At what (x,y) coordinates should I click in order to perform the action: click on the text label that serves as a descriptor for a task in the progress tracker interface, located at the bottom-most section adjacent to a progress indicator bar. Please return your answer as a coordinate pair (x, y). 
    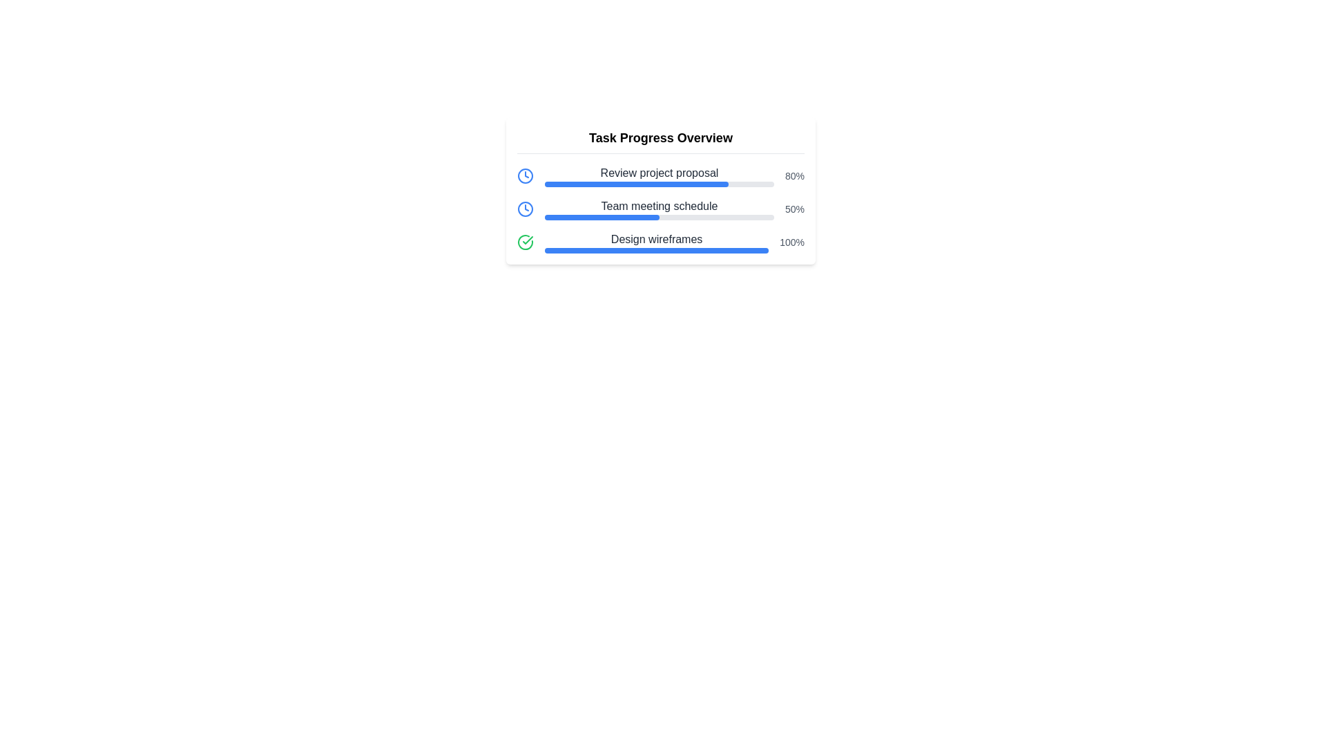
    Looking at the image, I should click on (656, 239).